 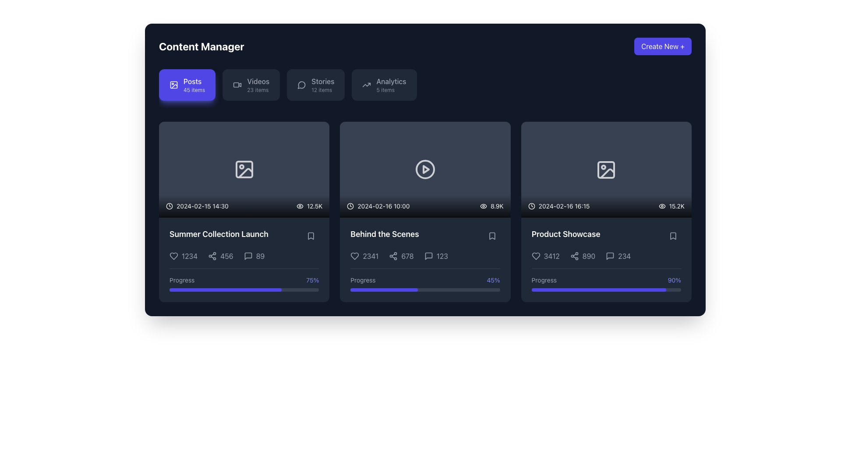 What do you see at coordinates (244, 206) in the screenshot?
I see `displayed metadata information about the post, which includes the publish date/time and view count, located at the bottom-left corner of the 'Summer Collection Launch' card` at bounding box center [244, 206].